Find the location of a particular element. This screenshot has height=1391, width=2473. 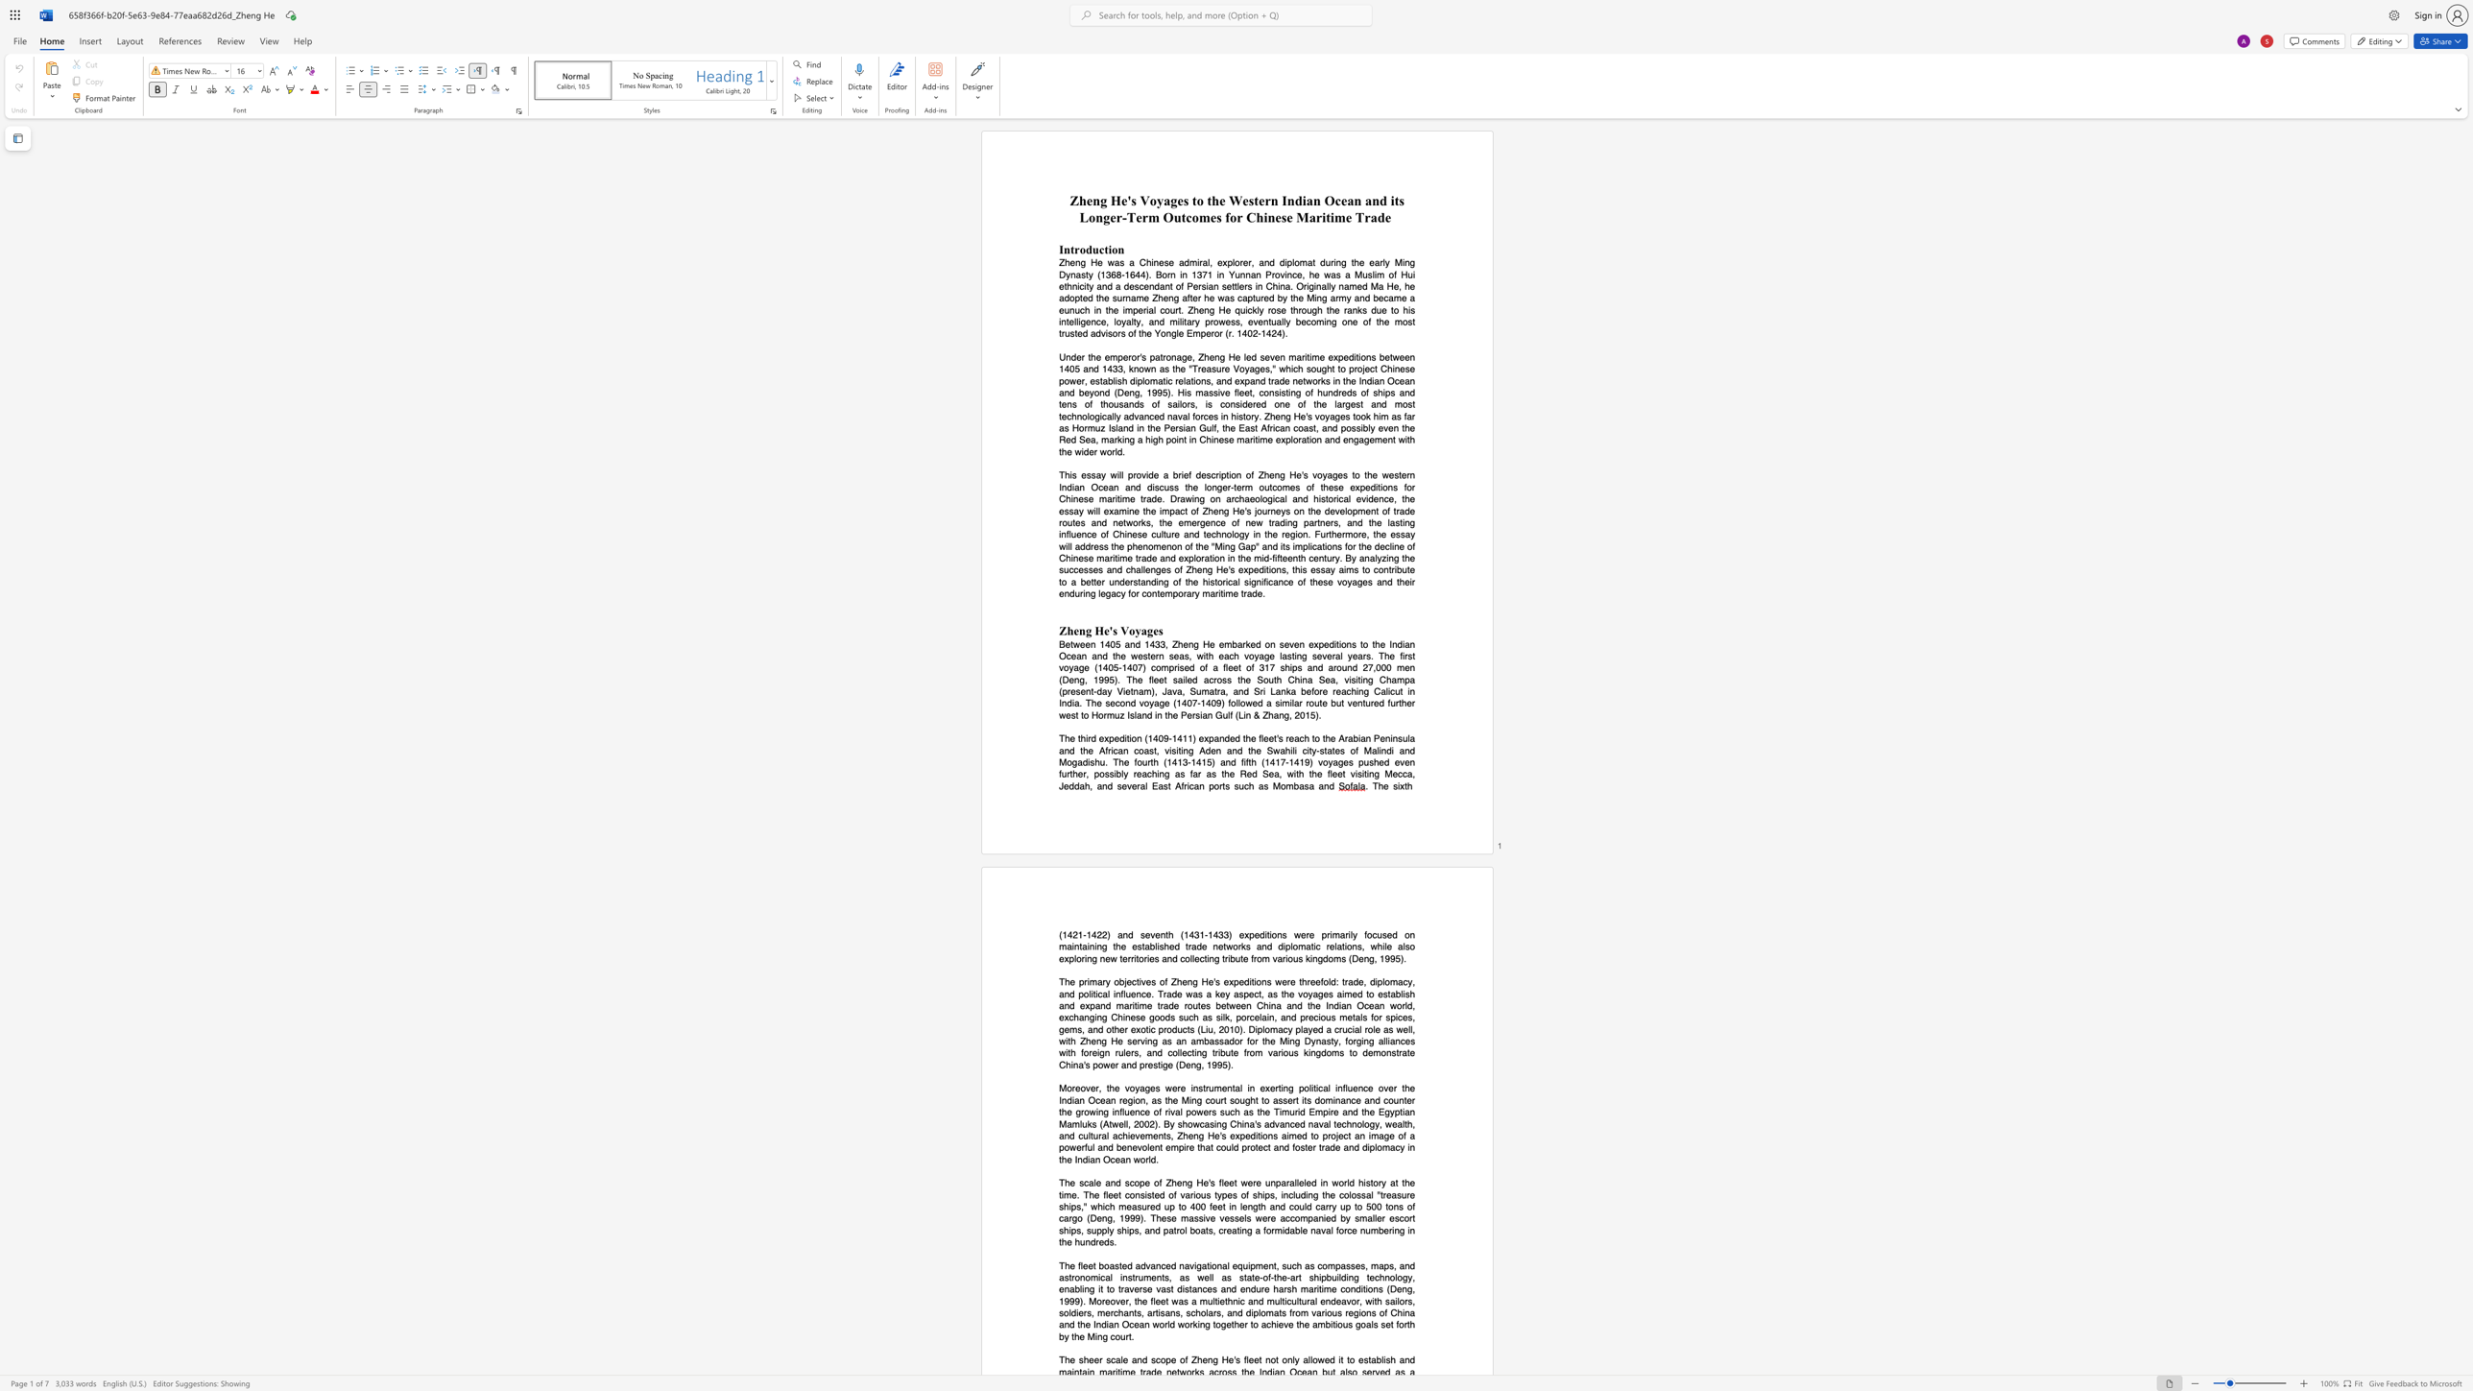

the subset text "eng He led seven maritime expeditions between 1405 and 1433, known as the" within the text "Under the emperor" is located at coordinates (1208, 357).